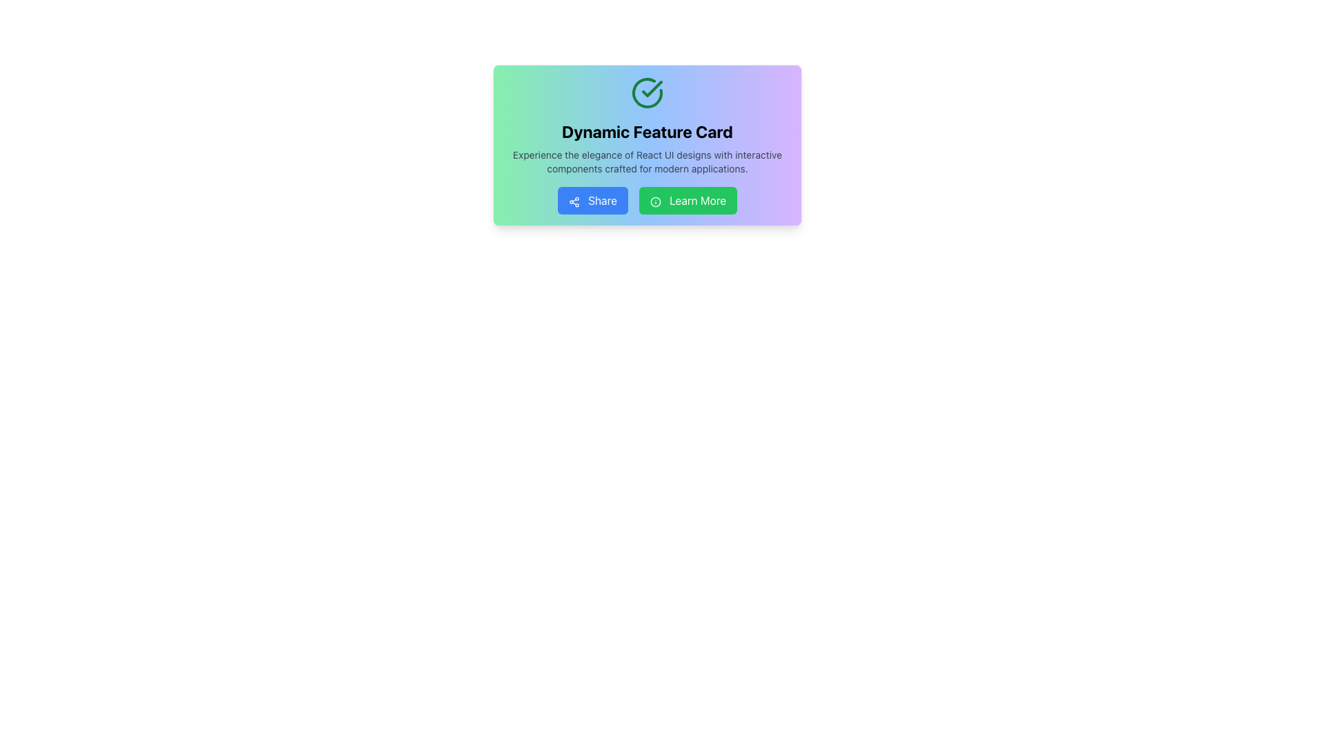 This screenshot has width=1324, height=745. What do you see at coordinates (688, 200) in the screenshot?
I see `the 'Learn More' button, which is a green rectangular button with white text and an 'i' icon, located in the bottom-right section of a card, positioned to the right of the 'Share' button` at bounding box center [688, 200].